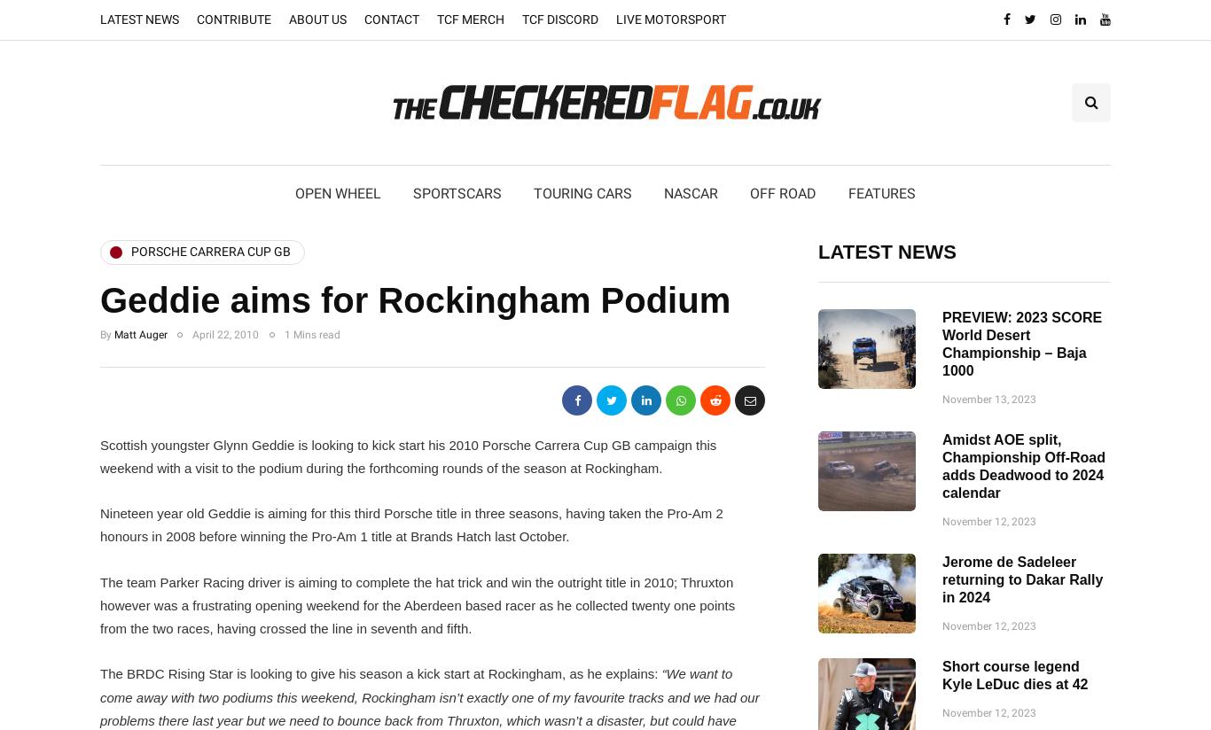  Describe the element at coordinates (417, 605) in the screenshot. I see `'The team Parker Racing driver is aiming to complete the hat trick and win the outright title in 2010; Thruxton however was a frustrating opening weekend for the Aberdeen based racer as he collected twenty one points from the two races, having crossed the line in seventh and fifth.'` at that location.